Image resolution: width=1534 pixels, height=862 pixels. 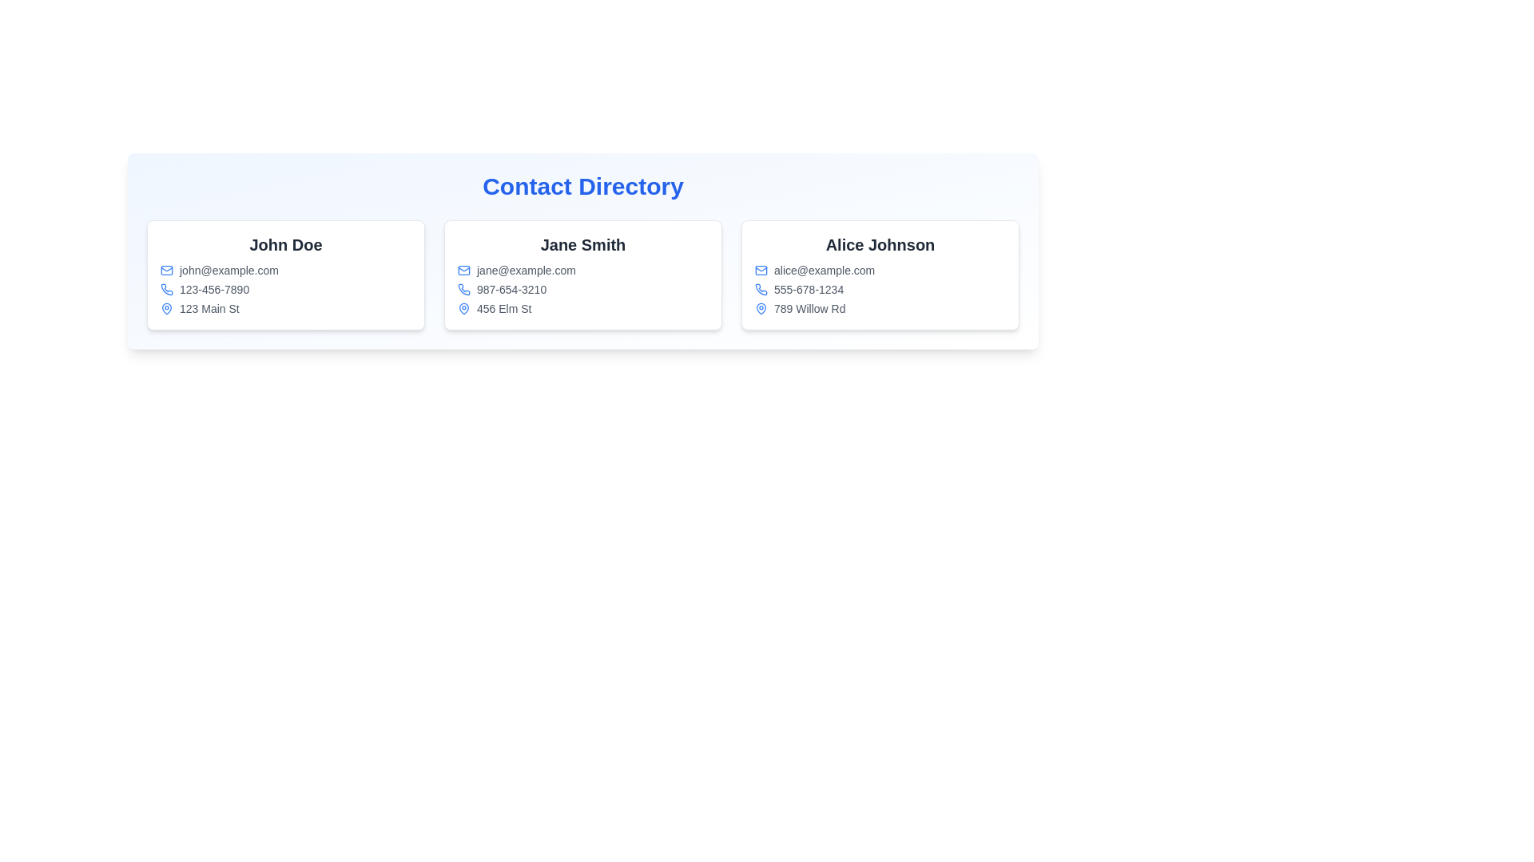 I want to click on the content of the header displaying 'Jane Smith' in the contact details card located in the middle column, so click(x=582, y=245).